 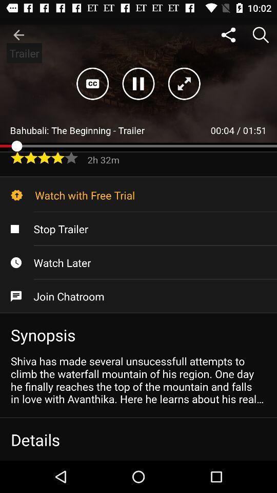 I want to click on the pause icon at the top center of the page, so click(x=138, y=83).